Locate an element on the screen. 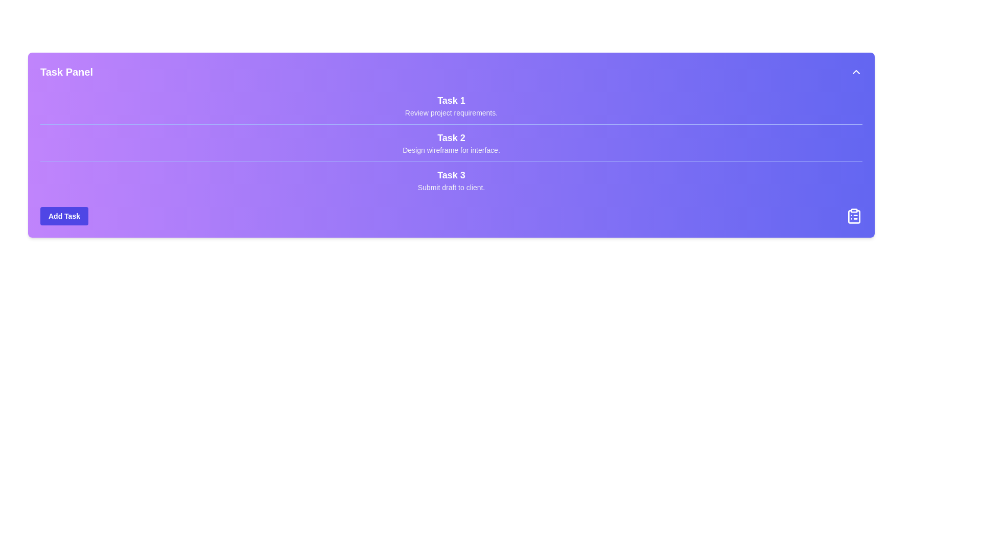 This screenshot has height=552, width=981. the Text Label (Heading) that serves as the title or identifier for the task, positioned at the top-left section of the task entry, to possibly reveal additional options is located at coordinates (451, 100).